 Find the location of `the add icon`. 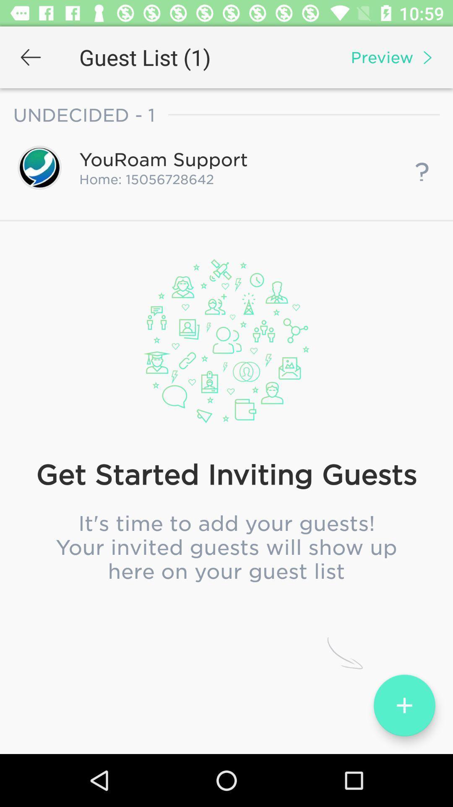

the add icon is located at coordinates (404, 705).